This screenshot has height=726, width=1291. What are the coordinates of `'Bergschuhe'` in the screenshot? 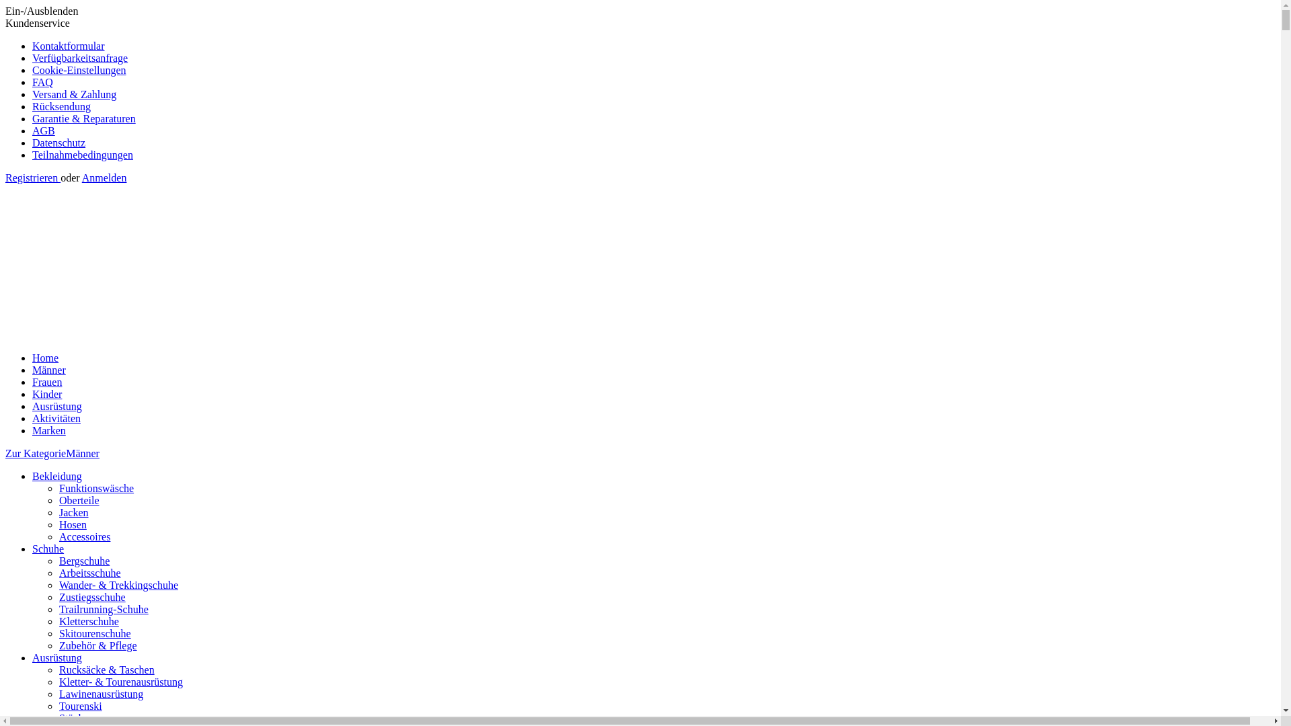 It's located at (58, 561).